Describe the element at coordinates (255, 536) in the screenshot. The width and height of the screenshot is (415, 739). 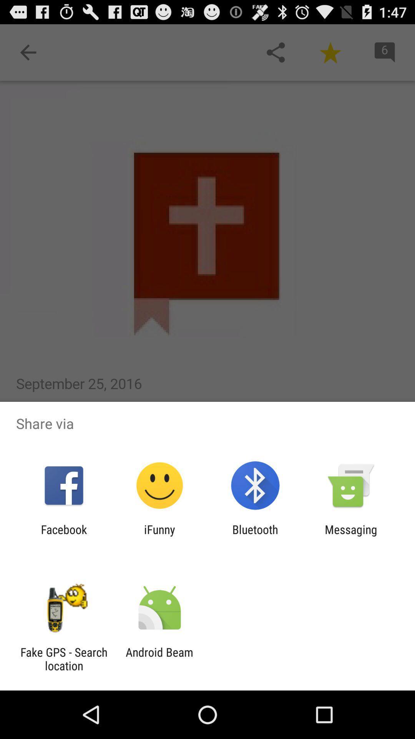
I see `item next to ifunny` at that location.